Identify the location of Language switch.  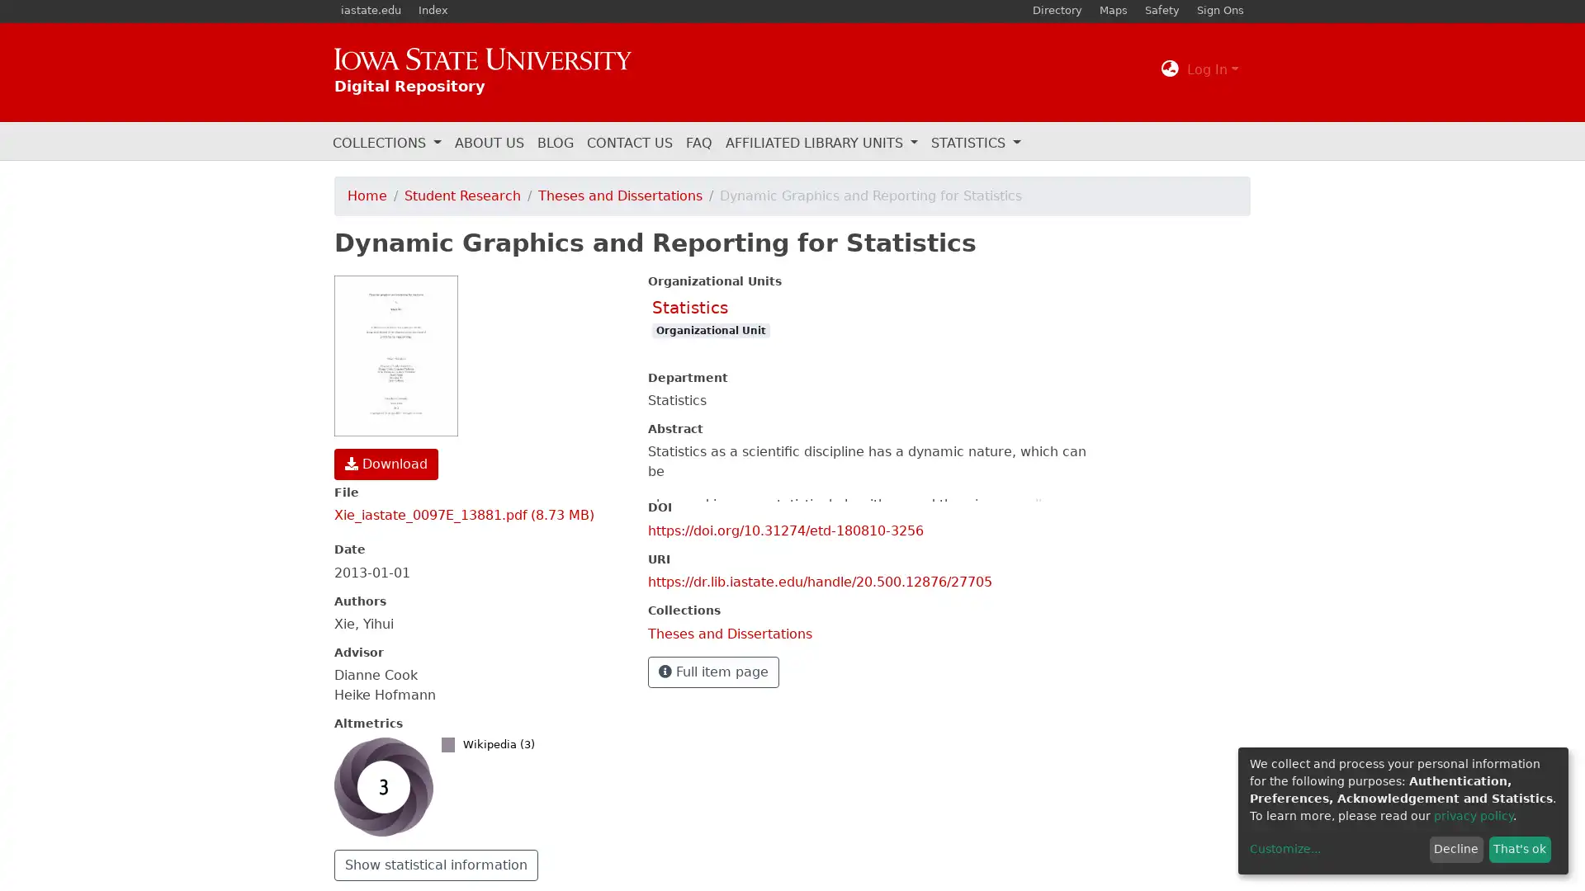
(1168, 68).